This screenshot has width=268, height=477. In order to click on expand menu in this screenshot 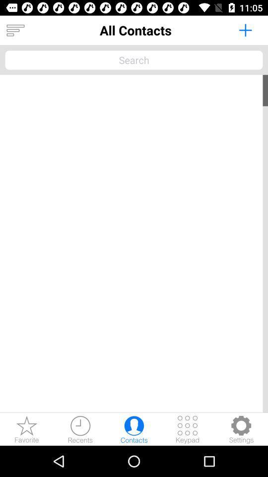, I will do `click(15, 30)`.